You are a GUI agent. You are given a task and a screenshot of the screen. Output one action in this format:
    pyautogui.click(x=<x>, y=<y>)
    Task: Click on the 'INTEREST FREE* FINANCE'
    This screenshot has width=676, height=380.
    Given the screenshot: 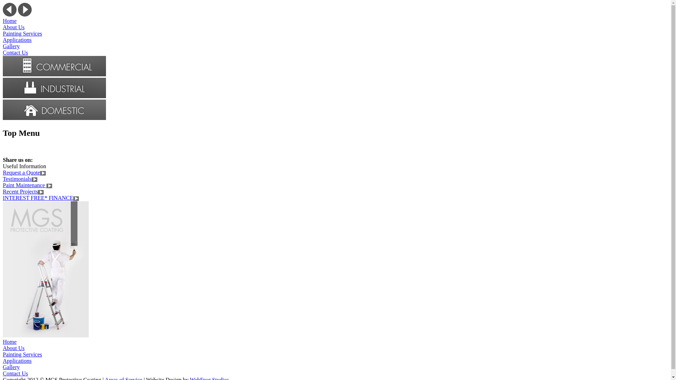 What is the action you would take?
    pyautogui.click(x=38, y=198)
    